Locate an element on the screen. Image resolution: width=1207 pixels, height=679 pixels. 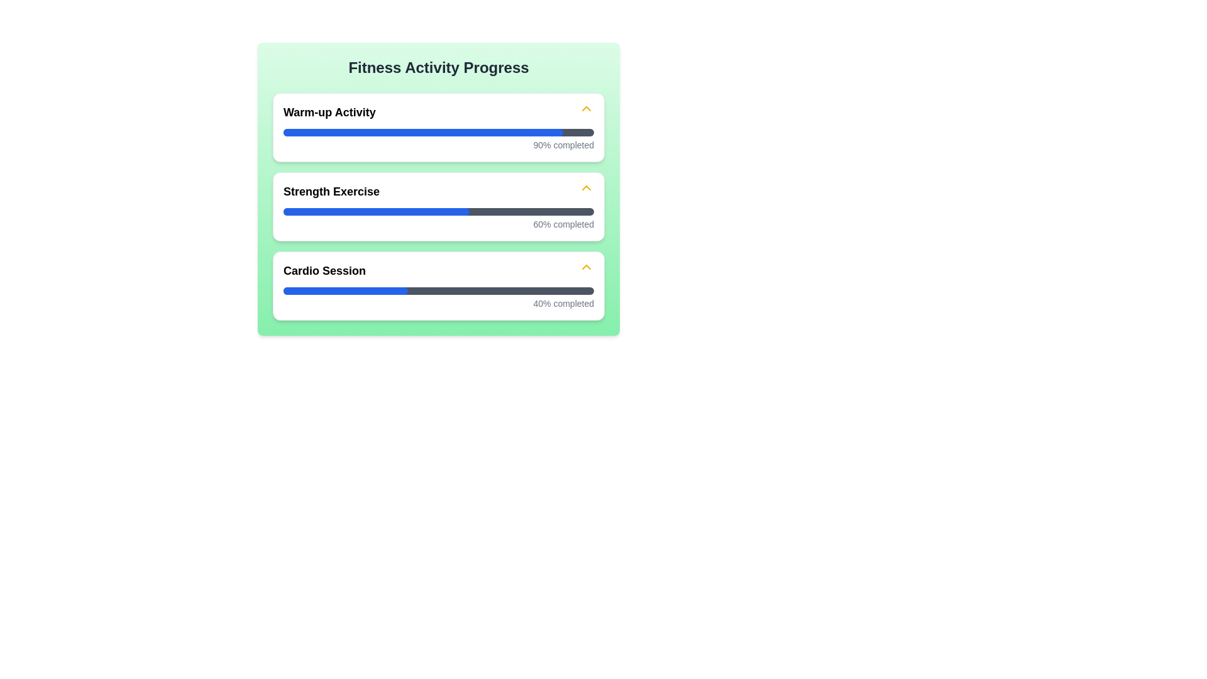
completion percentage from the 'Cardio Session' Progress card, which shows '40% completed' at the bottom-right corner is located at coordinates (438, 286).